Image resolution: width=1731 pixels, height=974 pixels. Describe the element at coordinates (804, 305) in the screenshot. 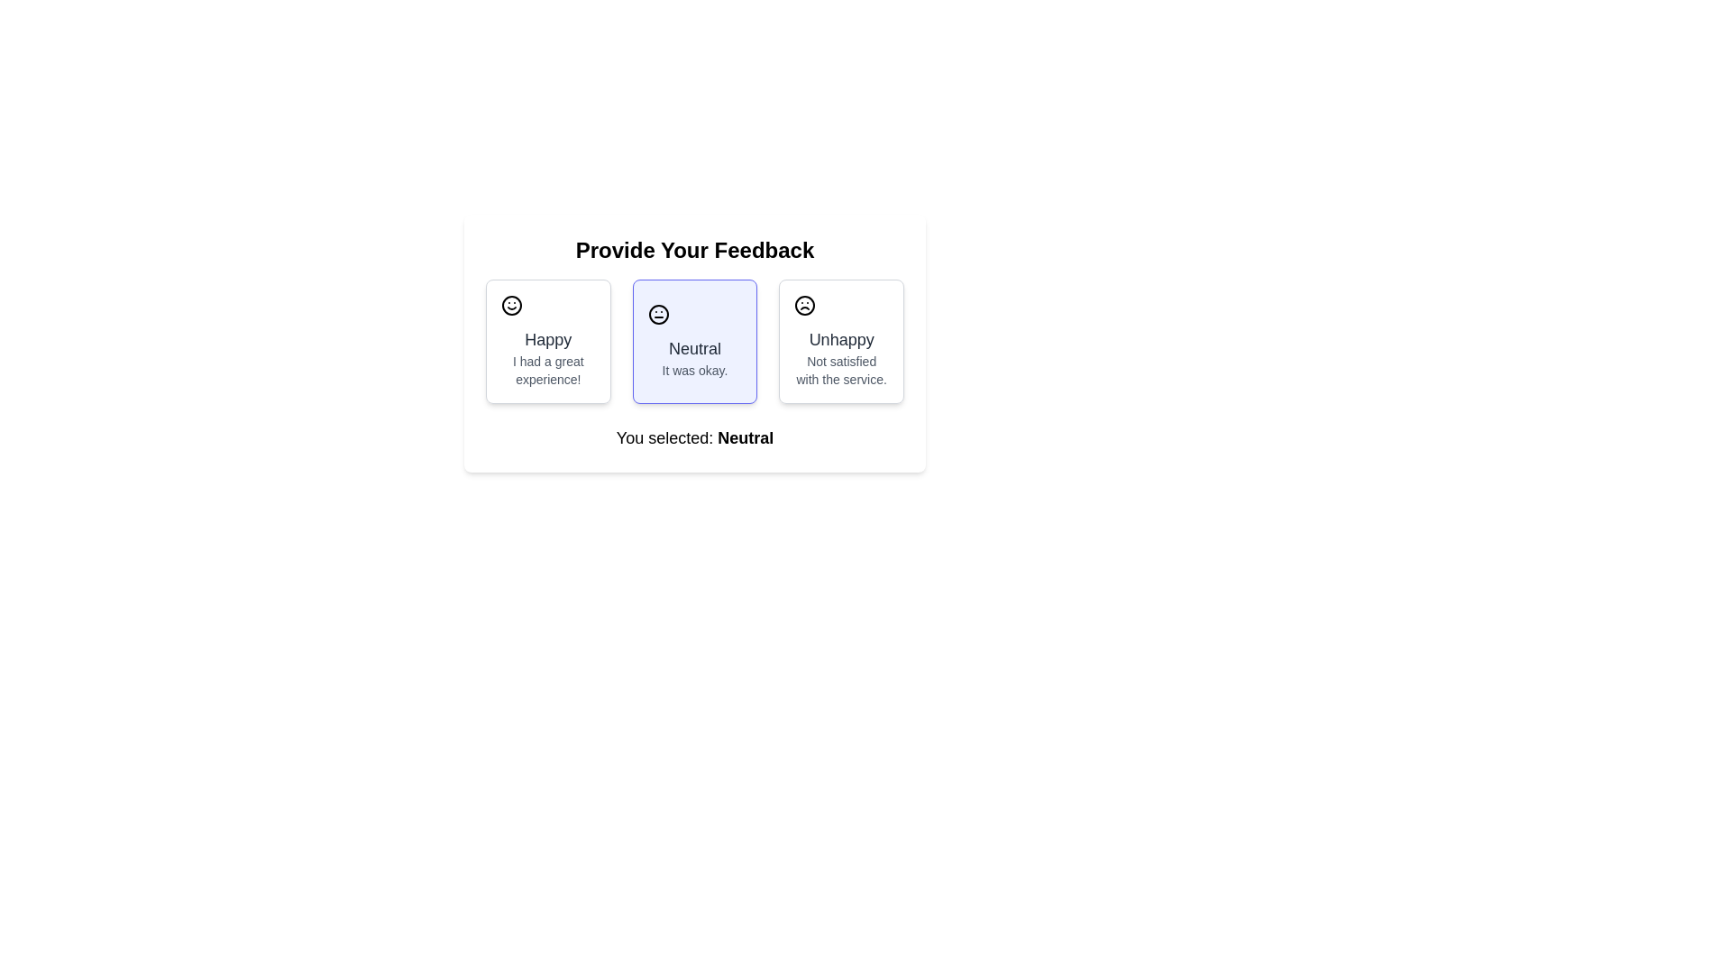

I see `the 'Unhappy' feedback option by clicking on the SVG circle element that represents the visual boundary of the frown icon` at that location.